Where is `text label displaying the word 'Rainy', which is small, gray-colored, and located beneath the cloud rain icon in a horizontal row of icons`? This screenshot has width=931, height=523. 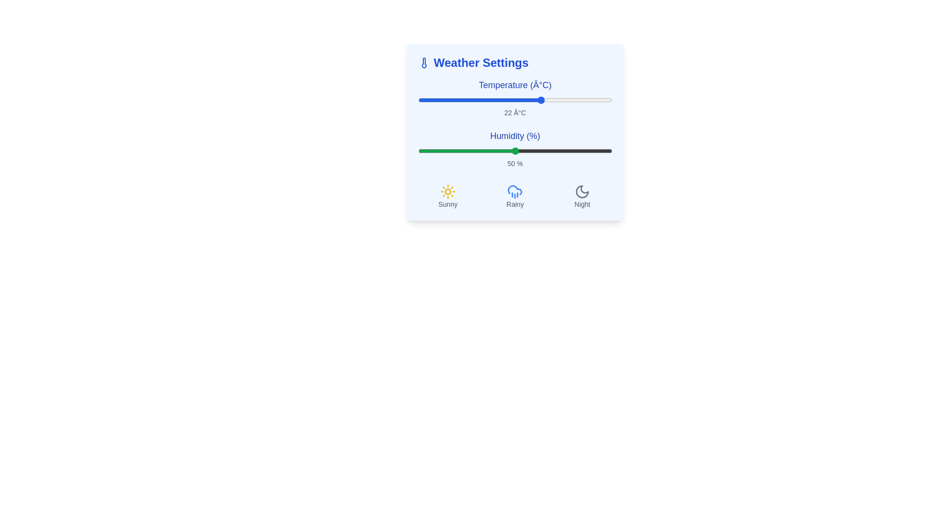 text label displaying the word 'Rainy', which is small, gray-colored, and located beneath the cloud rain icon in a horizontal row of icons is located at coordinates (514, 203).